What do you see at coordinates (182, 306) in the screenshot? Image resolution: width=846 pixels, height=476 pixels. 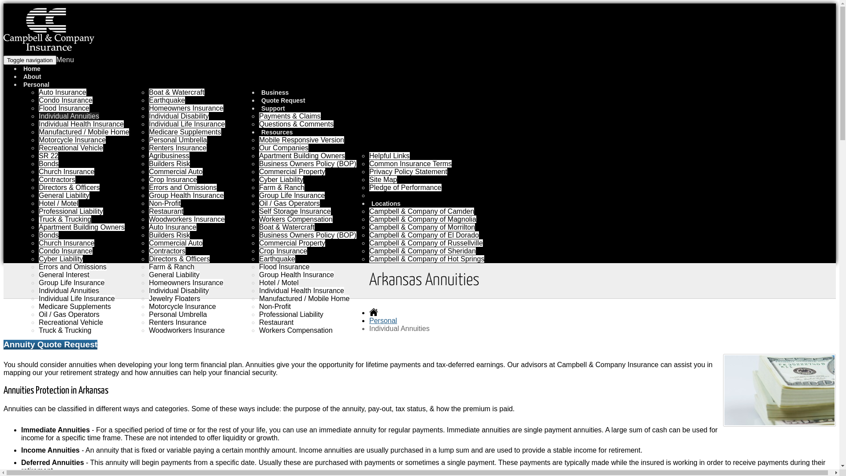 I see `'Motorcycle Insurance'` at bounding box center [182, 306].